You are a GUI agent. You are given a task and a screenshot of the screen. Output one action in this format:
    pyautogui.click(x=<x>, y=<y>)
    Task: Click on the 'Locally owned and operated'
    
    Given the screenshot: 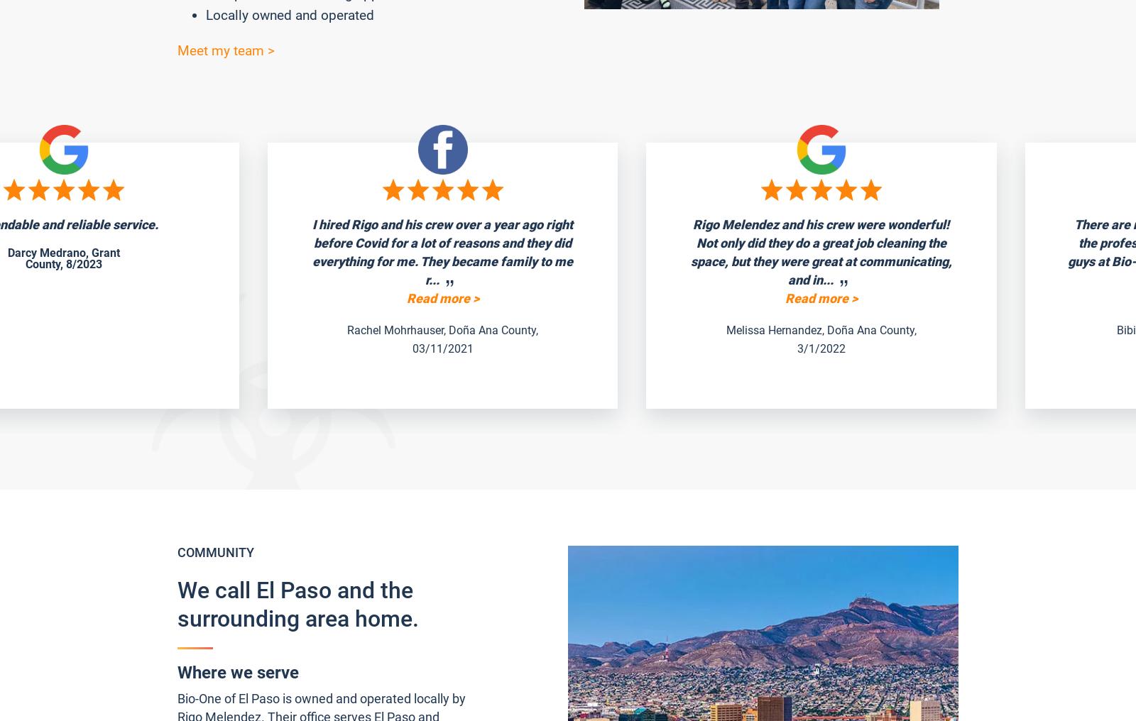 What is the action you would take?
    pyautogui.click(x=205, y=14)
    